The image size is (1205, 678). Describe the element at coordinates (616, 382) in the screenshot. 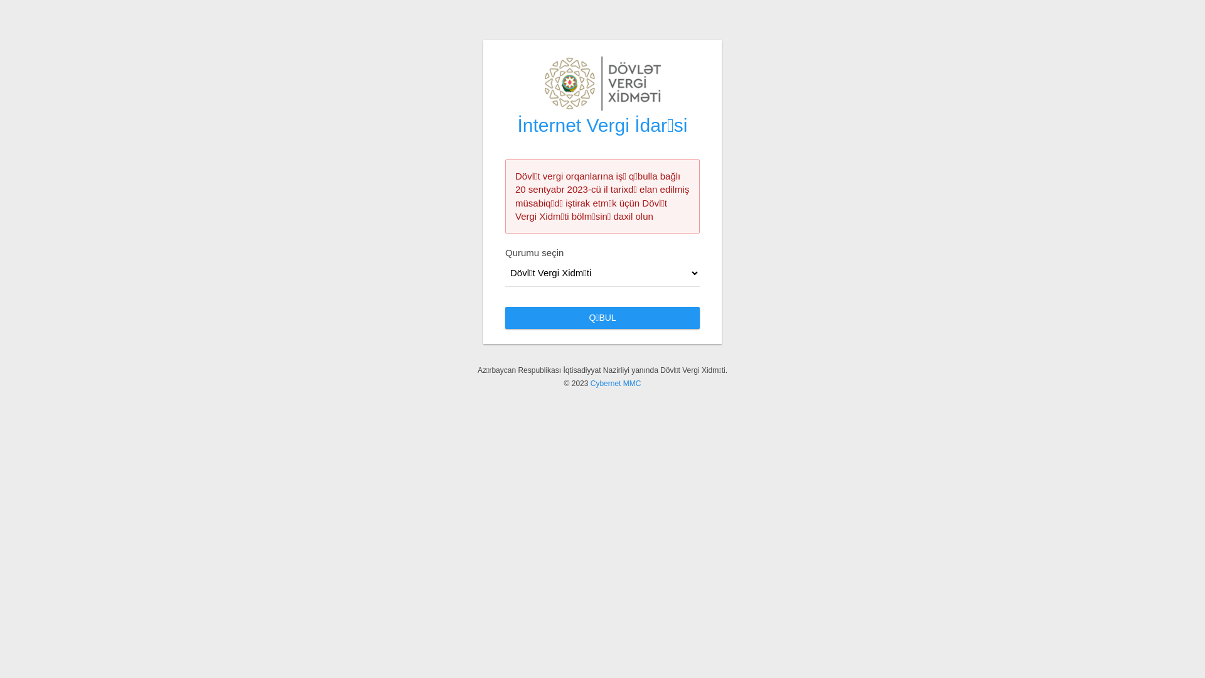

I see `'Cybernet MMC'` at that location.